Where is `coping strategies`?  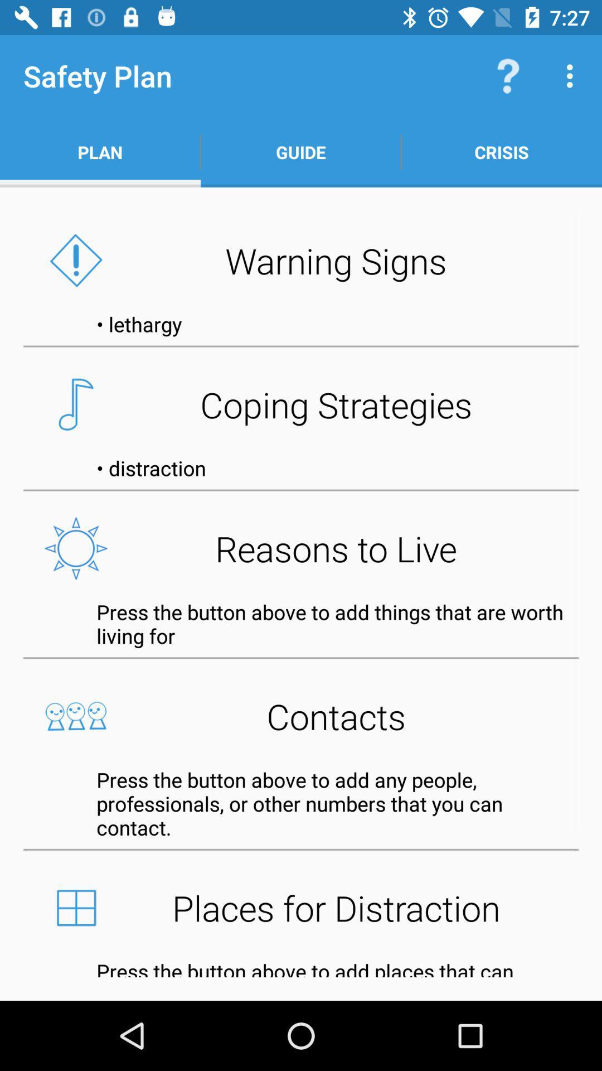 coping strategies is located at coordinates (301, 404).